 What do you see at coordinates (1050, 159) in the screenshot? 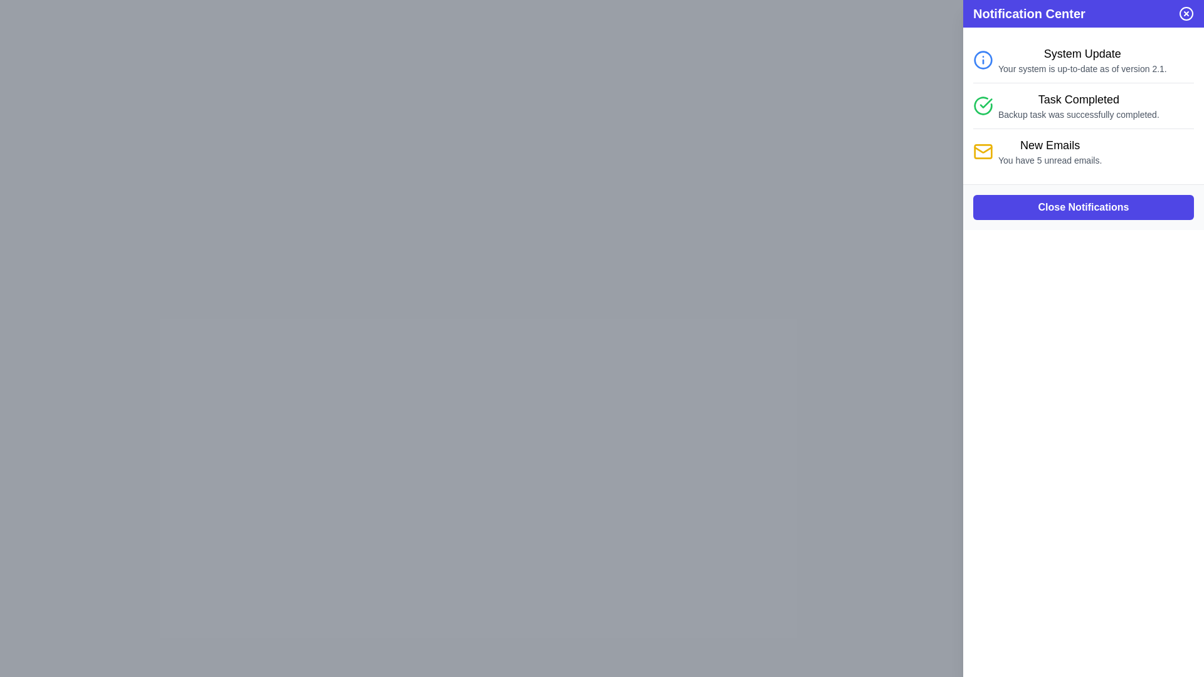
I see `the static text label that states 'You have 5 unread emails.' located beneath the 'New Emails' section header in the Notification Center panel` at bounding box center [1050, 159].